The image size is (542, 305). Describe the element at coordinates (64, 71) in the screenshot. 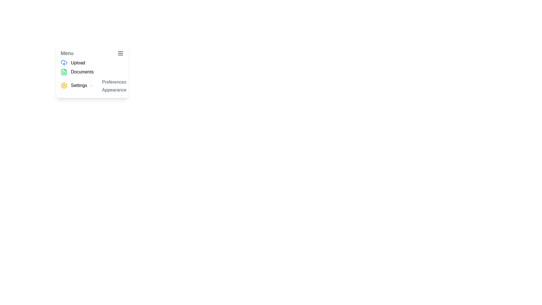

I see `the document icon located in the second row under the 'Documents' label, which visually represents the 'Documents' section of the menu` at that location.